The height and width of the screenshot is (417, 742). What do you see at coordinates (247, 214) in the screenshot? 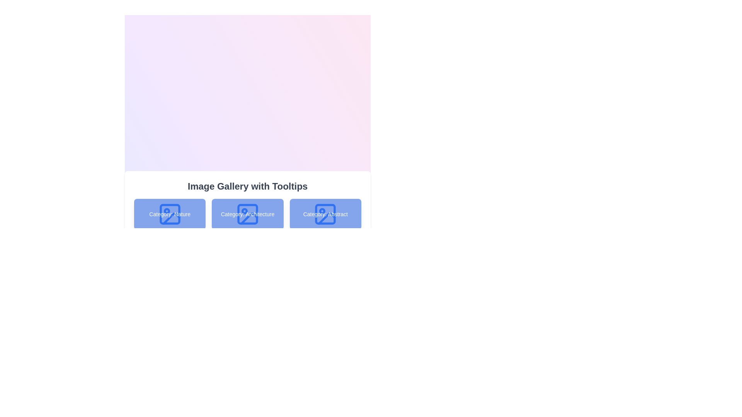
I see `the rectangular button with a blue background labeled 'Category: Architecture'` at bounding box center [247, 214].